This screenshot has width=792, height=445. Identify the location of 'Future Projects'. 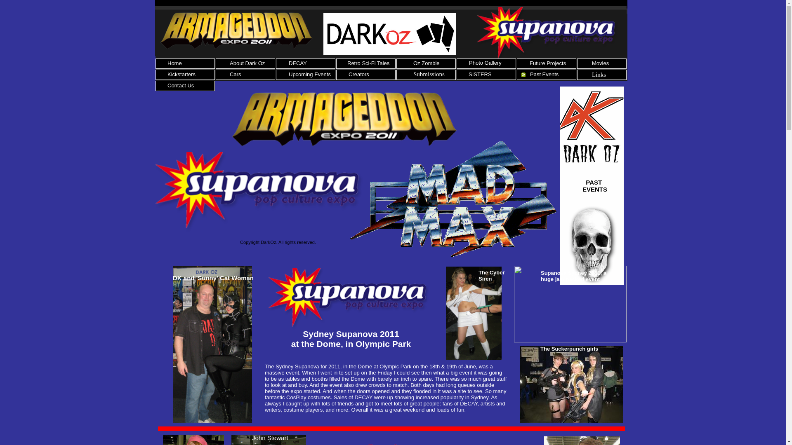
(548, 63).